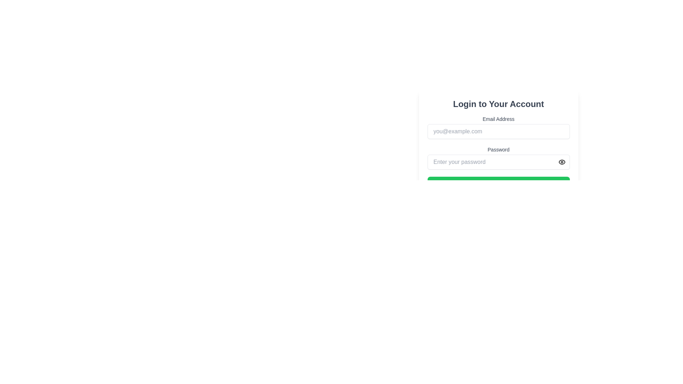  Describe the element at coordinates (498, 149) in the screenshot. I see `the 'Password' label which is styled in small bold gray font and is positioned above the password input field in the login form` at that location.